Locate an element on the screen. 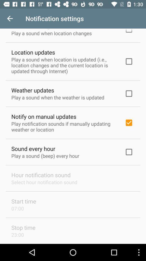 Image resolution: width=146 pixels, height=261 pixels. the icon next to the notification settings icon is located at coordinates (10, 18).